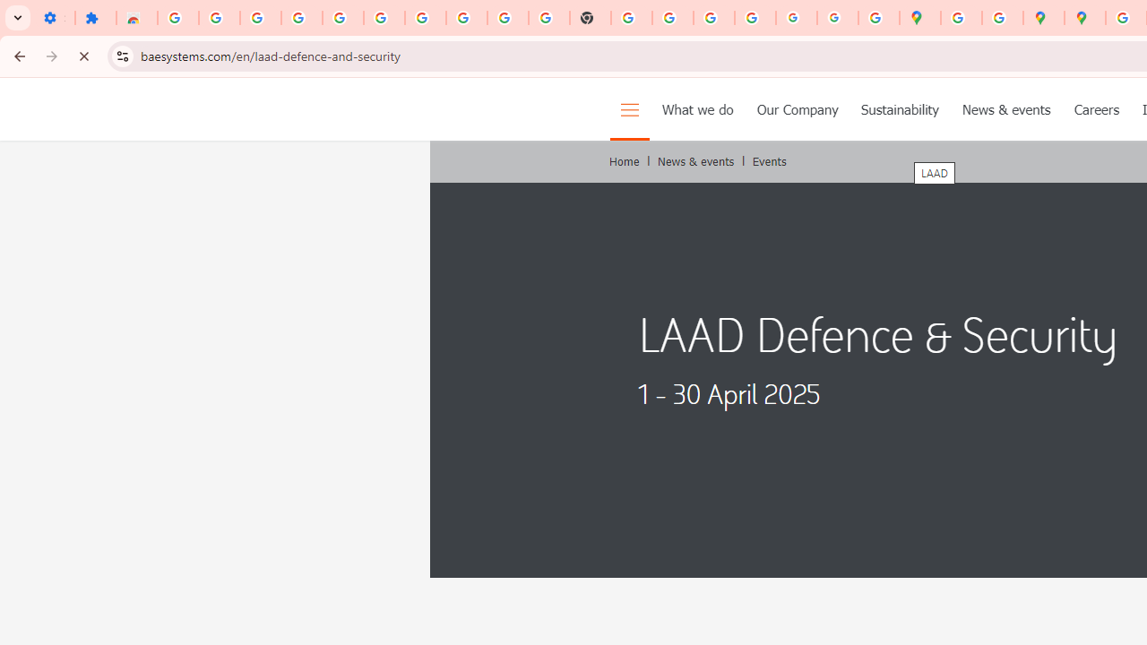 The height and width of the screenshot is (645, 1147). I want to click on 'Sustainability', so click(900, 109).